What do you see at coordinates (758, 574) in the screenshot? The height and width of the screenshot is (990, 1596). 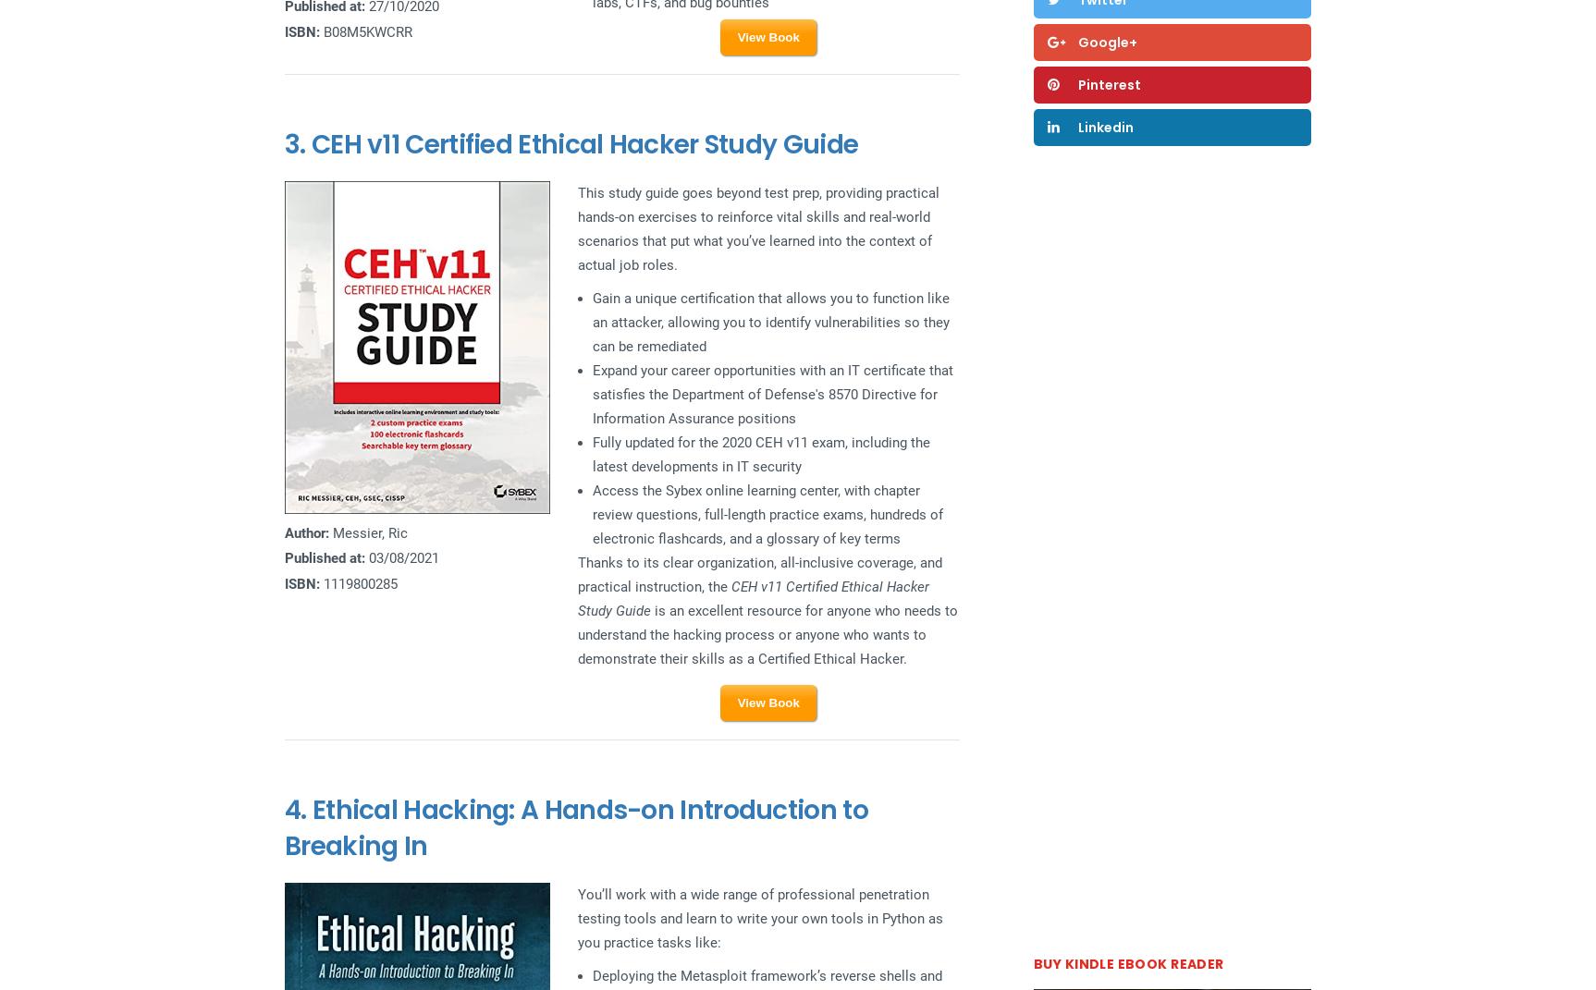 I see `'Thanks to its clear organization, all-inclusive coverage, and practical instruction, the'` at bounding box center [758, 574].